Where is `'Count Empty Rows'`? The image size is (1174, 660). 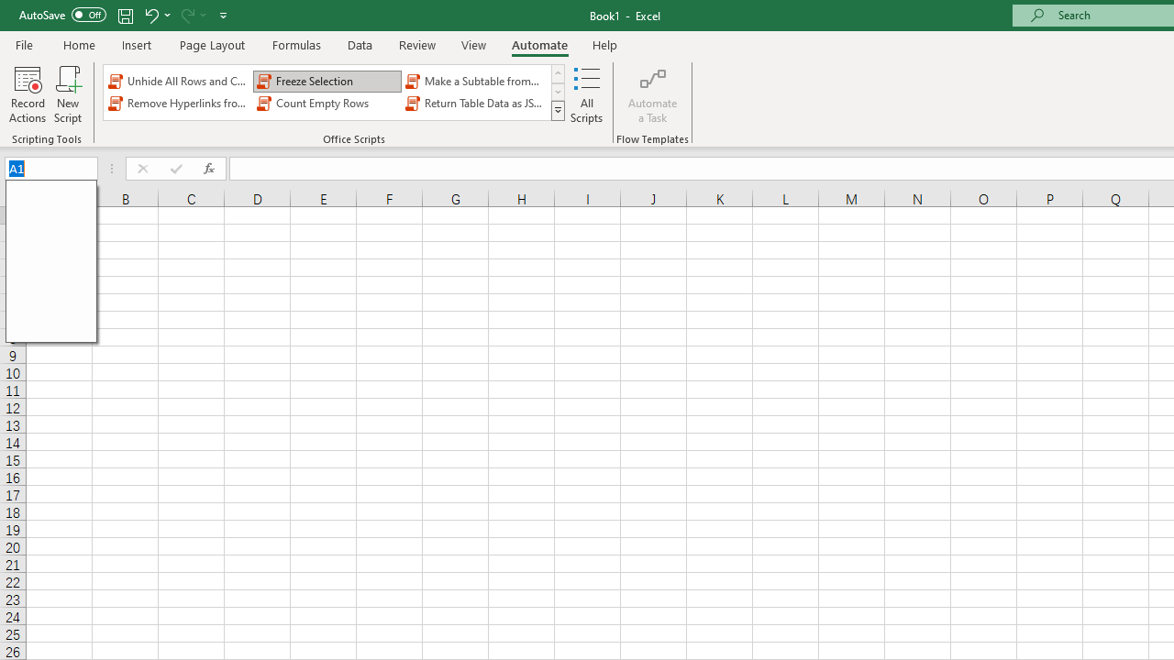
'Count Empty Rows' is located at coordinates (327, 104).